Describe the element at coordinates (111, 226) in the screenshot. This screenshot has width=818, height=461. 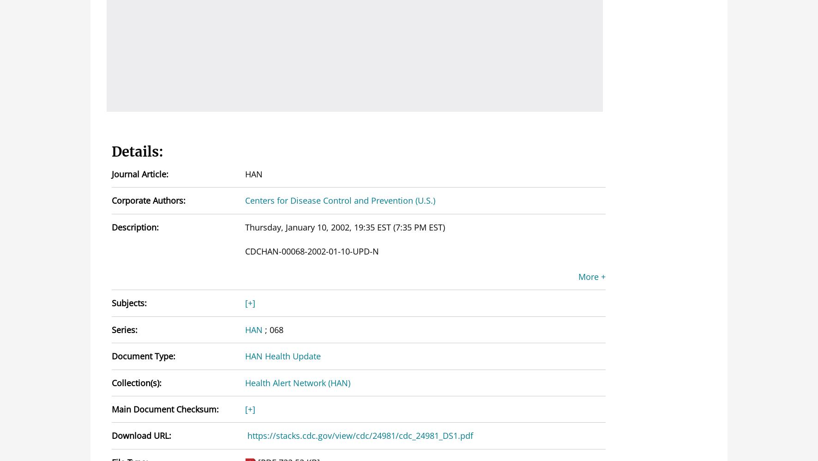
I see `'Description:'` at that location.